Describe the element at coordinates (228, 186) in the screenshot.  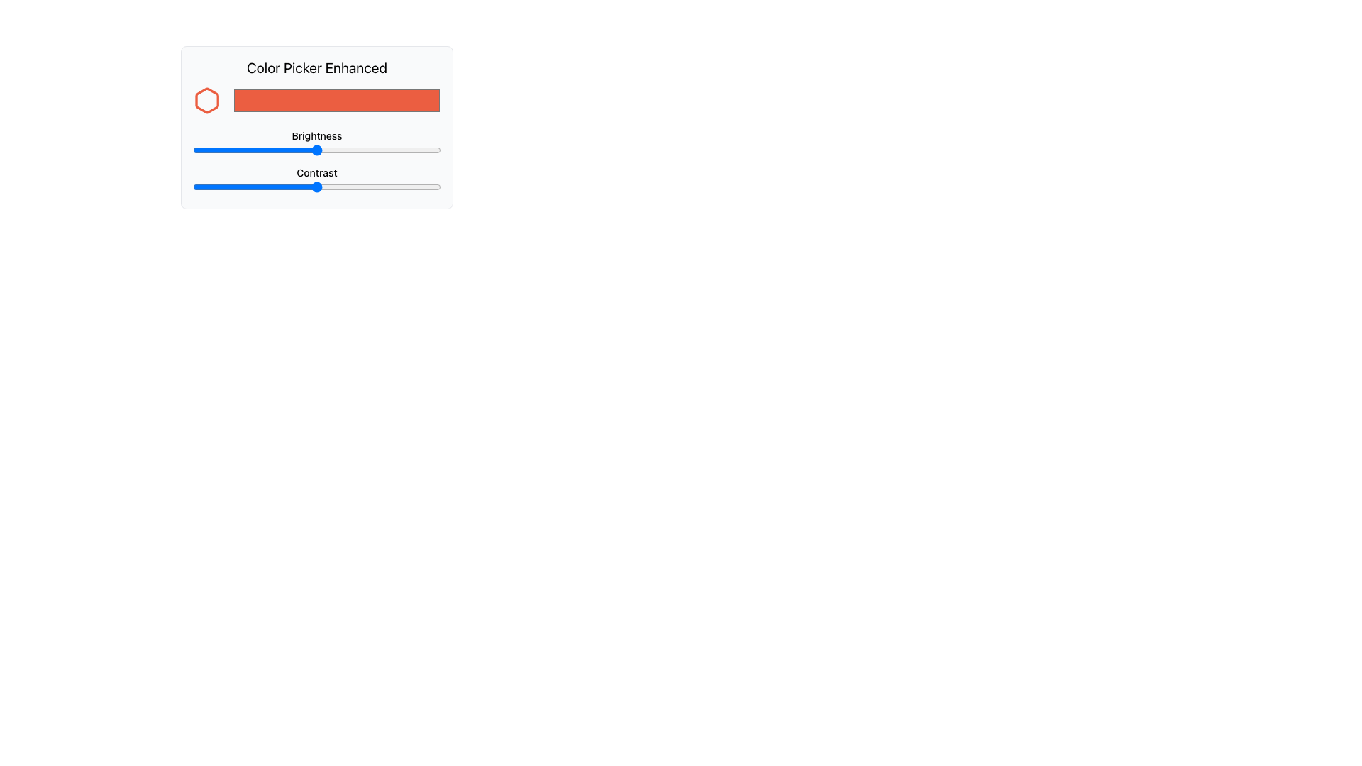
I see `contrast` at that location.